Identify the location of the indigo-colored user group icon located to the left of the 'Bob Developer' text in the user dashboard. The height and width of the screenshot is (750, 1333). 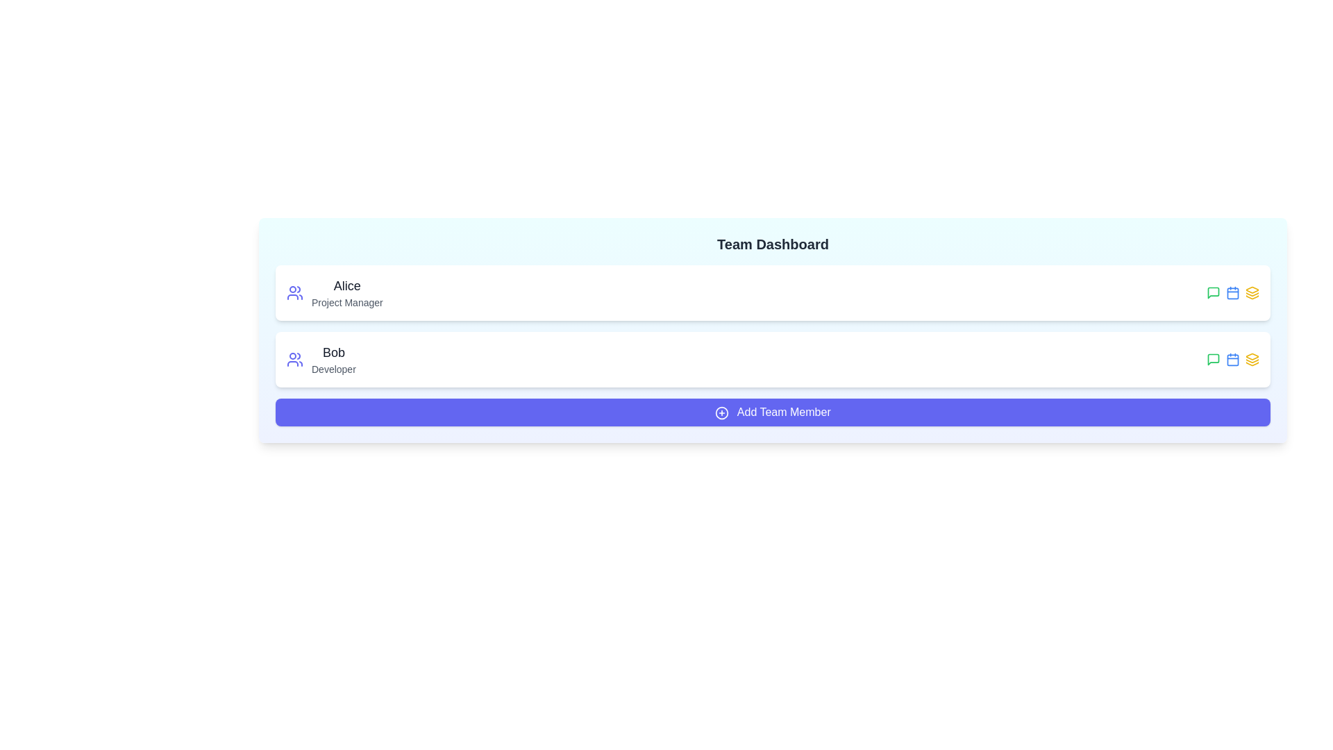
(294, 358).